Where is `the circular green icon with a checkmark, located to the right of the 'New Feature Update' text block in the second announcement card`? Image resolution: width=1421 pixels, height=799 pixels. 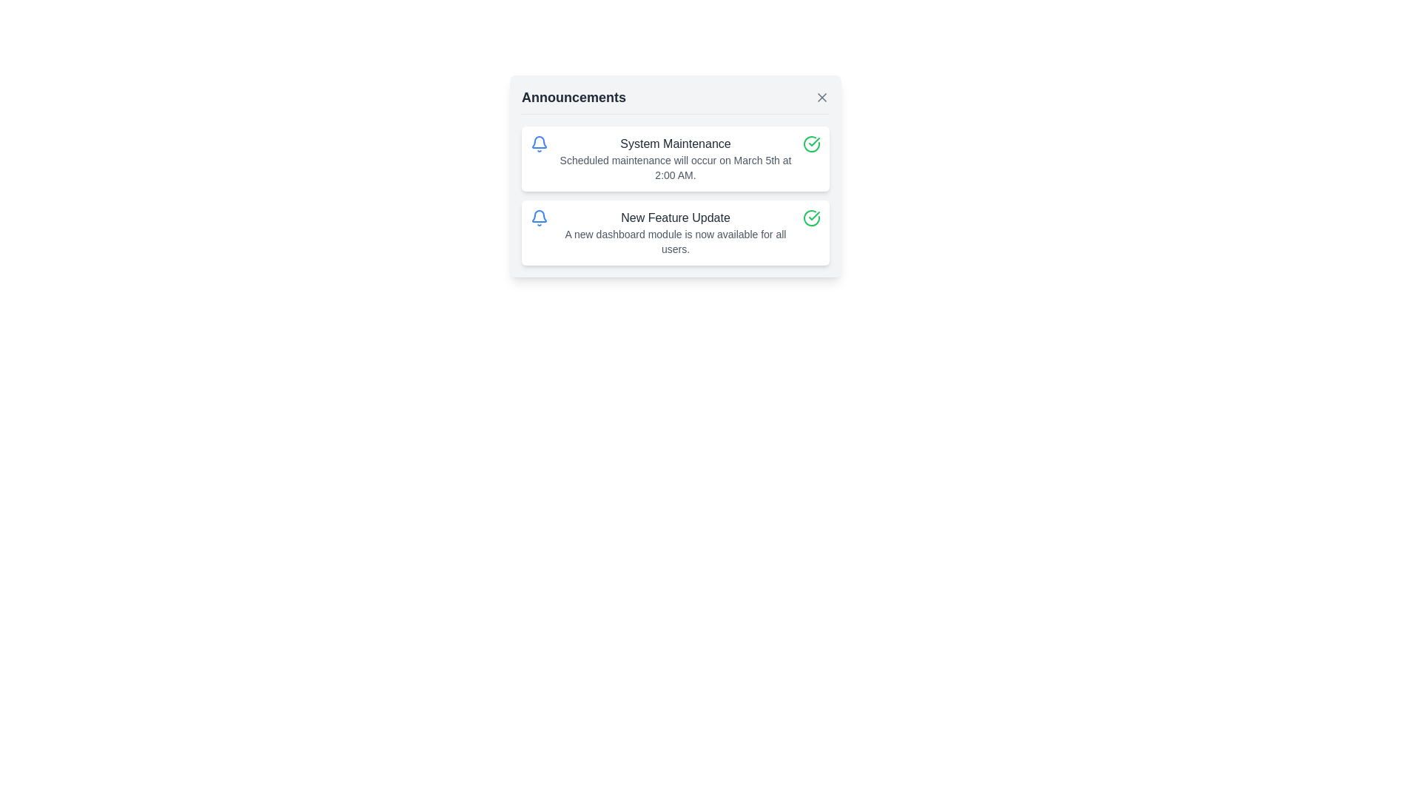
the circular green icon with a checkmark, located to the right of the 'New Feature Update' text block in the second announcement card is located at coordinates (811, 218).